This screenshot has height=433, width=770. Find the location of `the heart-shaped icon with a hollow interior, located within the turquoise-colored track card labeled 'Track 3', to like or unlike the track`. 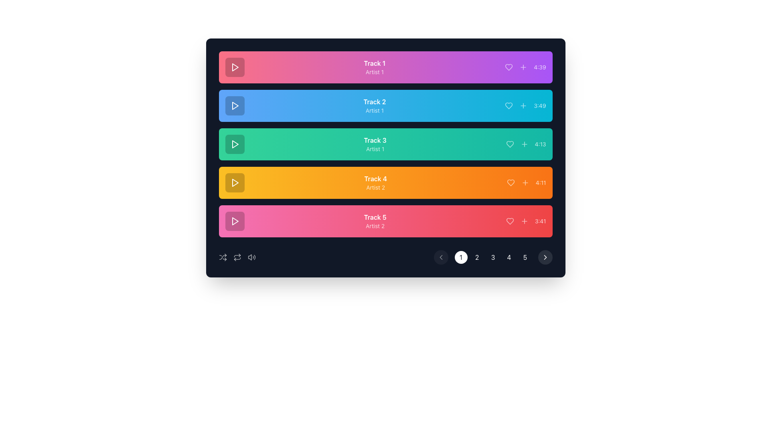

the heart-shaped icon with a hollow interior, located within the turquoise-colored track card labeled 'Track 3', to like or unlike the track is located at coordinates (509, 144).